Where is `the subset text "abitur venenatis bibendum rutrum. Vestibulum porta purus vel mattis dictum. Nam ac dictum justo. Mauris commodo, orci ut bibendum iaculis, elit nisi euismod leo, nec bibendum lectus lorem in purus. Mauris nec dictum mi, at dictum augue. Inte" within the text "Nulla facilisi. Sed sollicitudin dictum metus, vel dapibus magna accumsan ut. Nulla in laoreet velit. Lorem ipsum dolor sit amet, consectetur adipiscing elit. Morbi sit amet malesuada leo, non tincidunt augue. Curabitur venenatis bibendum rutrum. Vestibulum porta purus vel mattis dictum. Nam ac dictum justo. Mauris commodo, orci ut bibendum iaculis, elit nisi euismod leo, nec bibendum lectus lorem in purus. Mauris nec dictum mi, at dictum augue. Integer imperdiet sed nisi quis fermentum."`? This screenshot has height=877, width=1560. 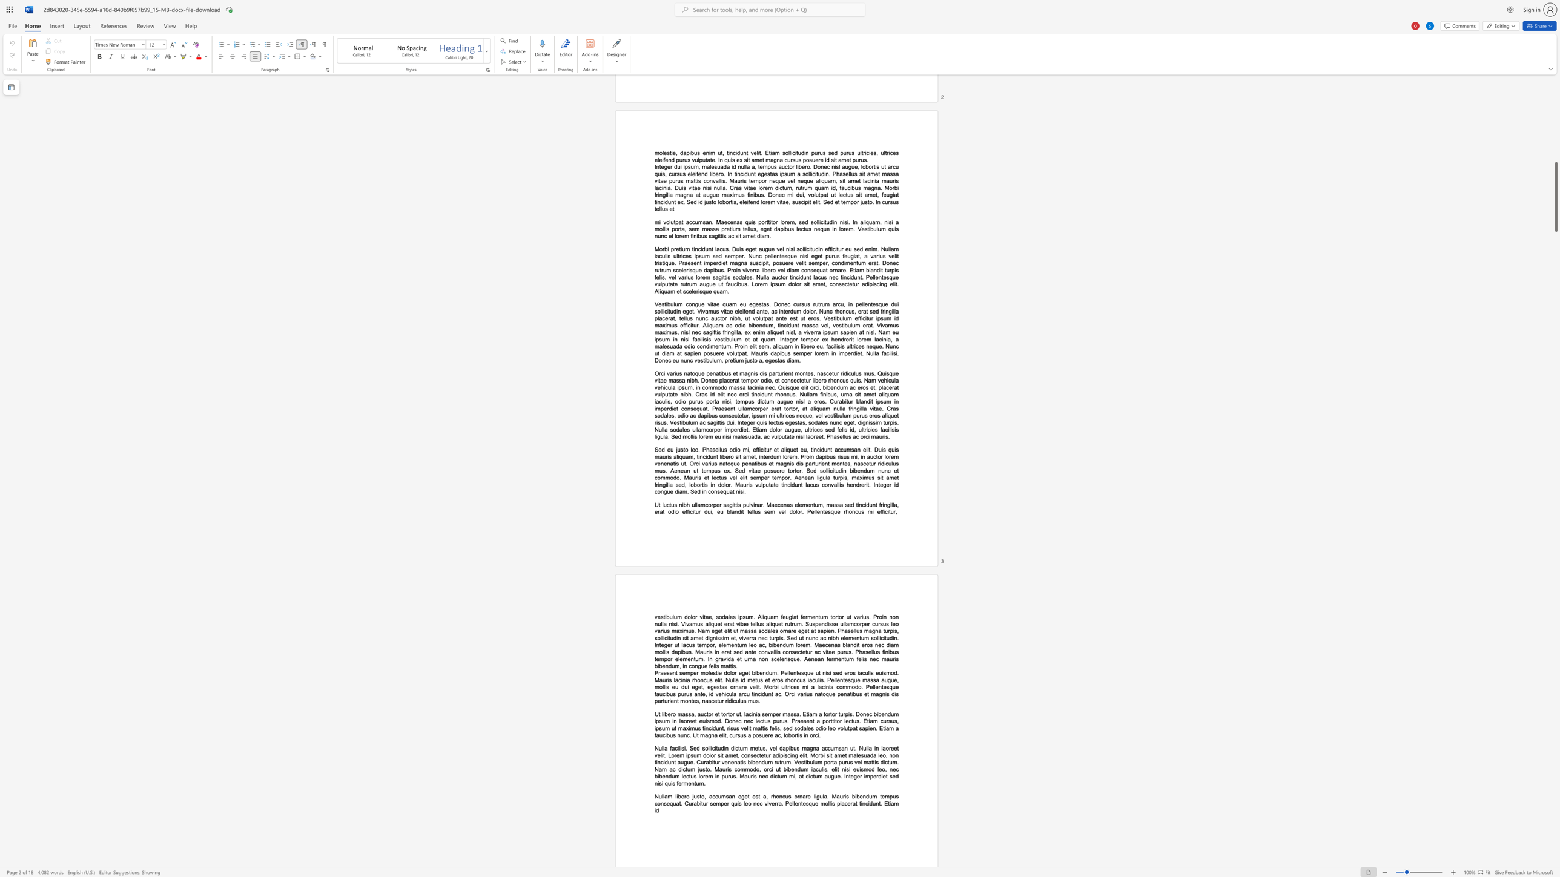
the subset text "abitur venenatis bibendum rutrum. Vestibulum porta purus vel mattis dictum. Nam ac dictum justo. Mauris commodo, orci ut bibendum iaculis, elit nisi euismod leo, nec bibendum lectus lorem in purus. Mauris nec dictum mi, at dictum augue. Inte" within the text "Nulla facilisi. Sed sollicitudin dictum metus, vel dapibus magna accumsan ut. Nulla in laoreet velit. Lorem ipsum dolor sit amet, consectetur adipiscing elit. Morbi sit amet malesuada leo, non tincidunt augue. Curabitur venenatis bibendum rutrum. Vestibulum porta purus vel mattis dictum. Nam ac dictum justo. Mauris commodo, orci ut bibendum iaculis, elit nisi euismod leo, nec bibendum lectus lorem in purus. Mauris nec dictum mi, at dictum augue. Integer imperdiet sed nisi quis fermentum." is located at coordinates (705, 761).